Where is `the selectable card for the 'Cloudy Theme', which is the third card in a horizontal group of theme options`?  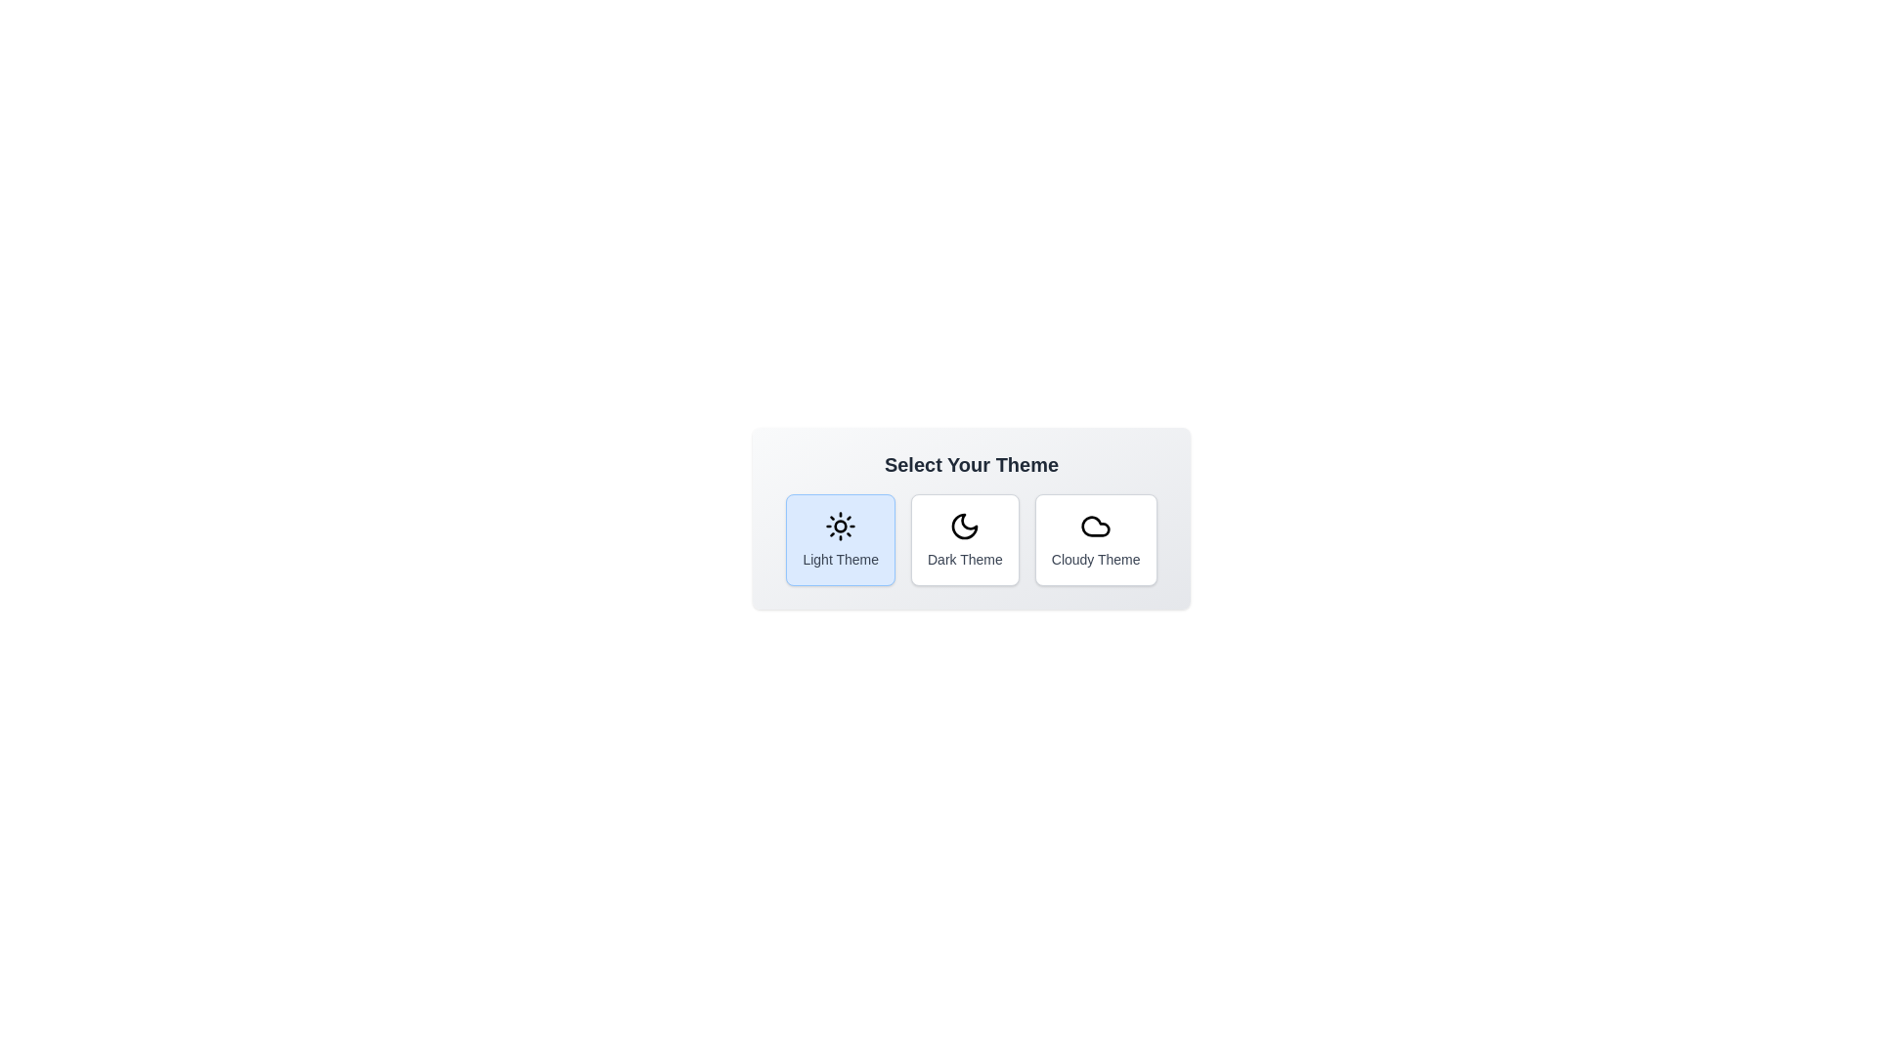 the selectable card for the 'Cloudy Theme', which is the third card in a horizontal group of theme options is located at coordinates (1096, 539).